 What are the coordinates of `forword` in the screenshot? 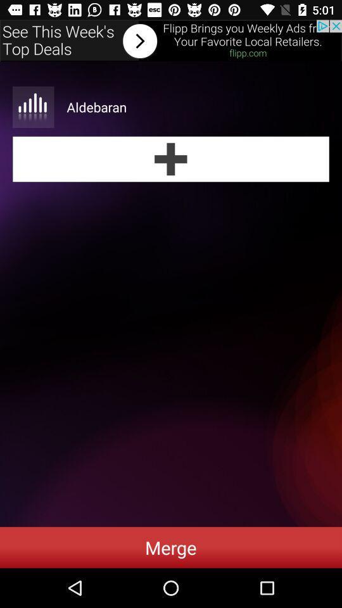 It's located at (171, 41).